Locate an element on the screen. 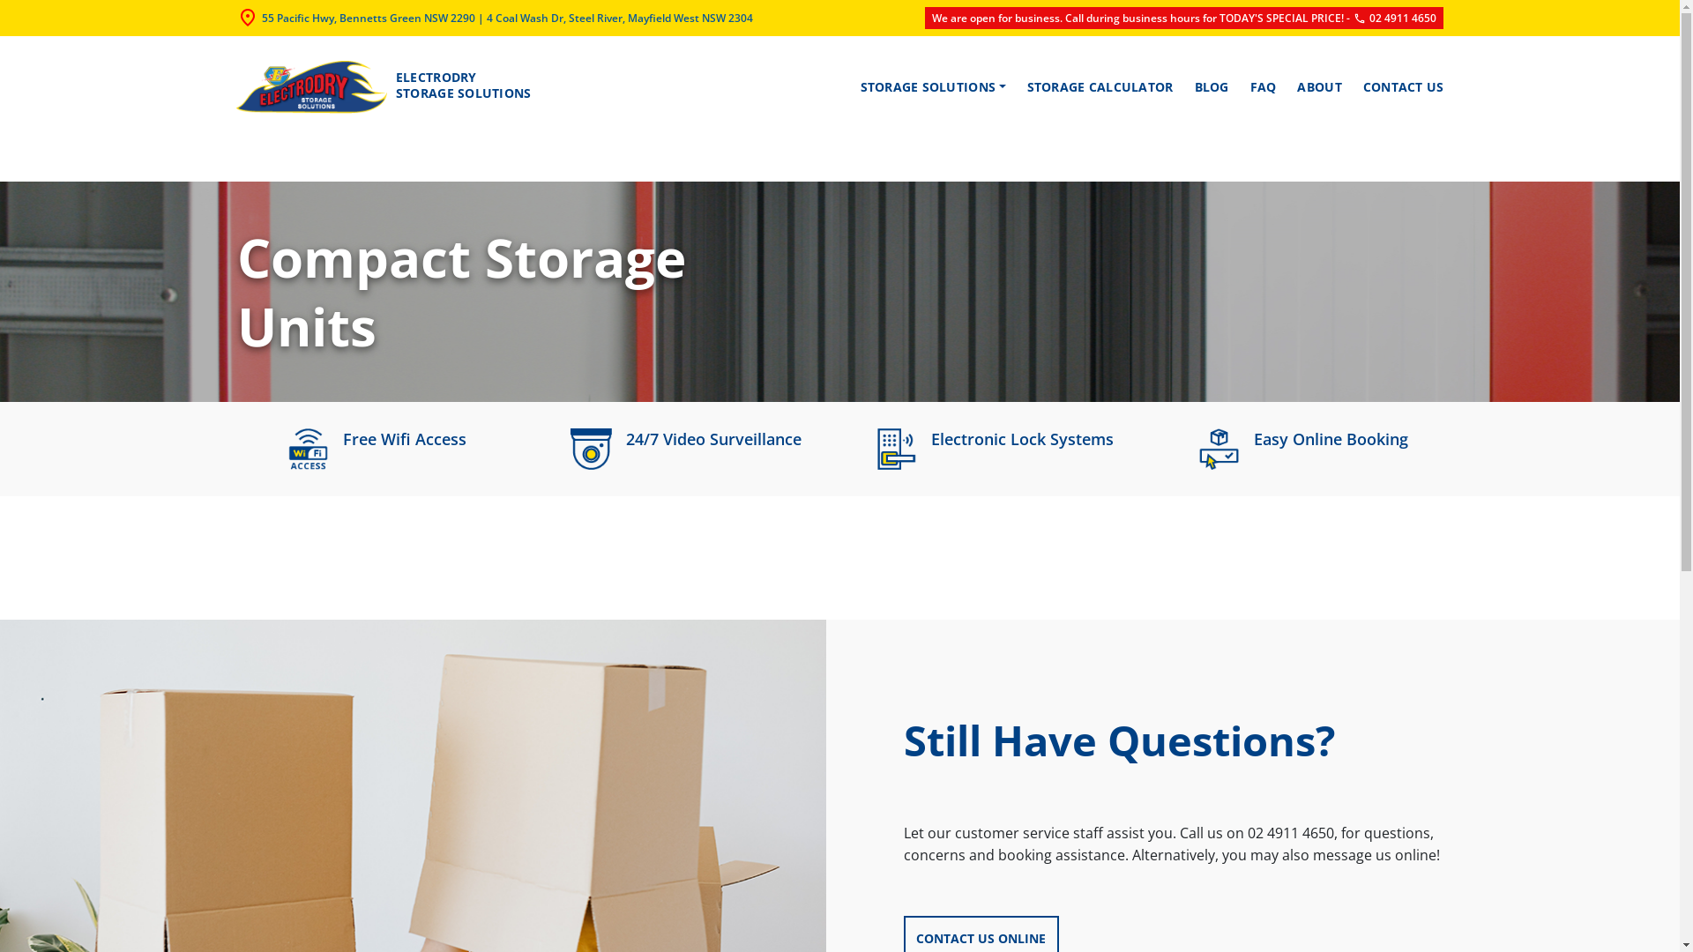 This screenshot has height=952, width=1693. 'FAQ' is located at coordinates (1263, 87).